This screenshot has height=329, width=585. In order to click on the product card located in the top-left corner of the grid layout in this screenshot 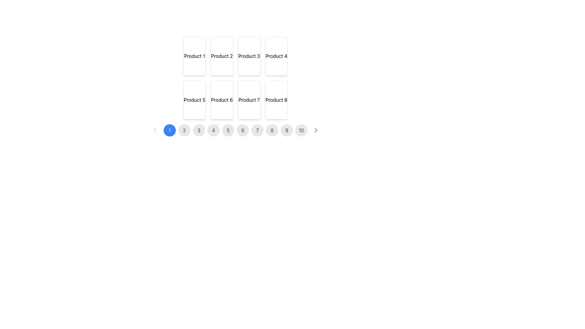, I will do `click(194, 56)`.